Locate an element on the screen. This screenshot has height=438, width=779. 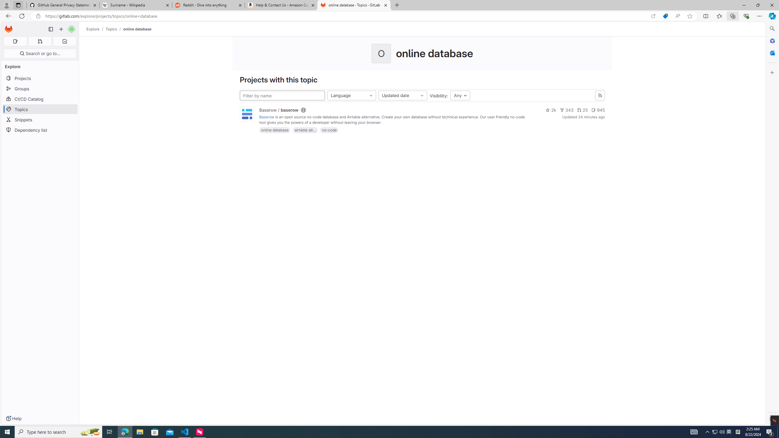
'Snippets' is located at coordinates (40, 119).